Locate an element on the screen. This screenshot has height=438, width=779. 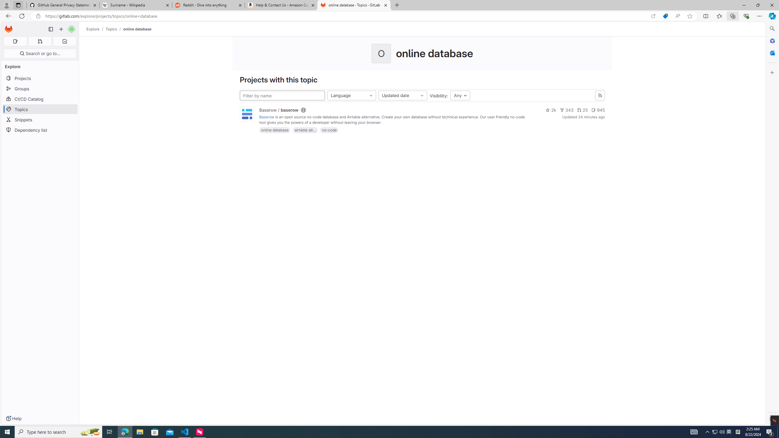
'Snippets' is located at coordinates (40, 119).